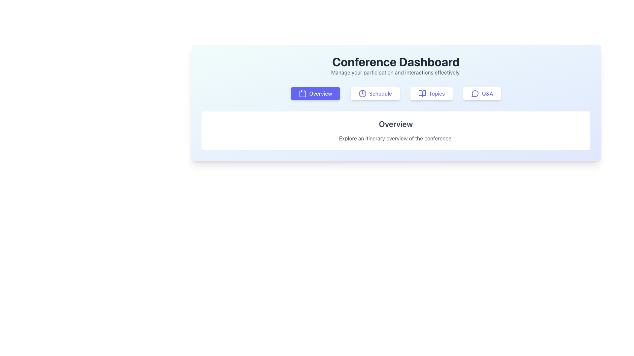 This screenshot has width=634, height=356. What do you see at coordinates (422, 94) in the screenshot?
I see `the 'Topics' button which contains an SVG icon of an open book, located below the title 'Conference Dashboard'` at bounding box center [422, 94].